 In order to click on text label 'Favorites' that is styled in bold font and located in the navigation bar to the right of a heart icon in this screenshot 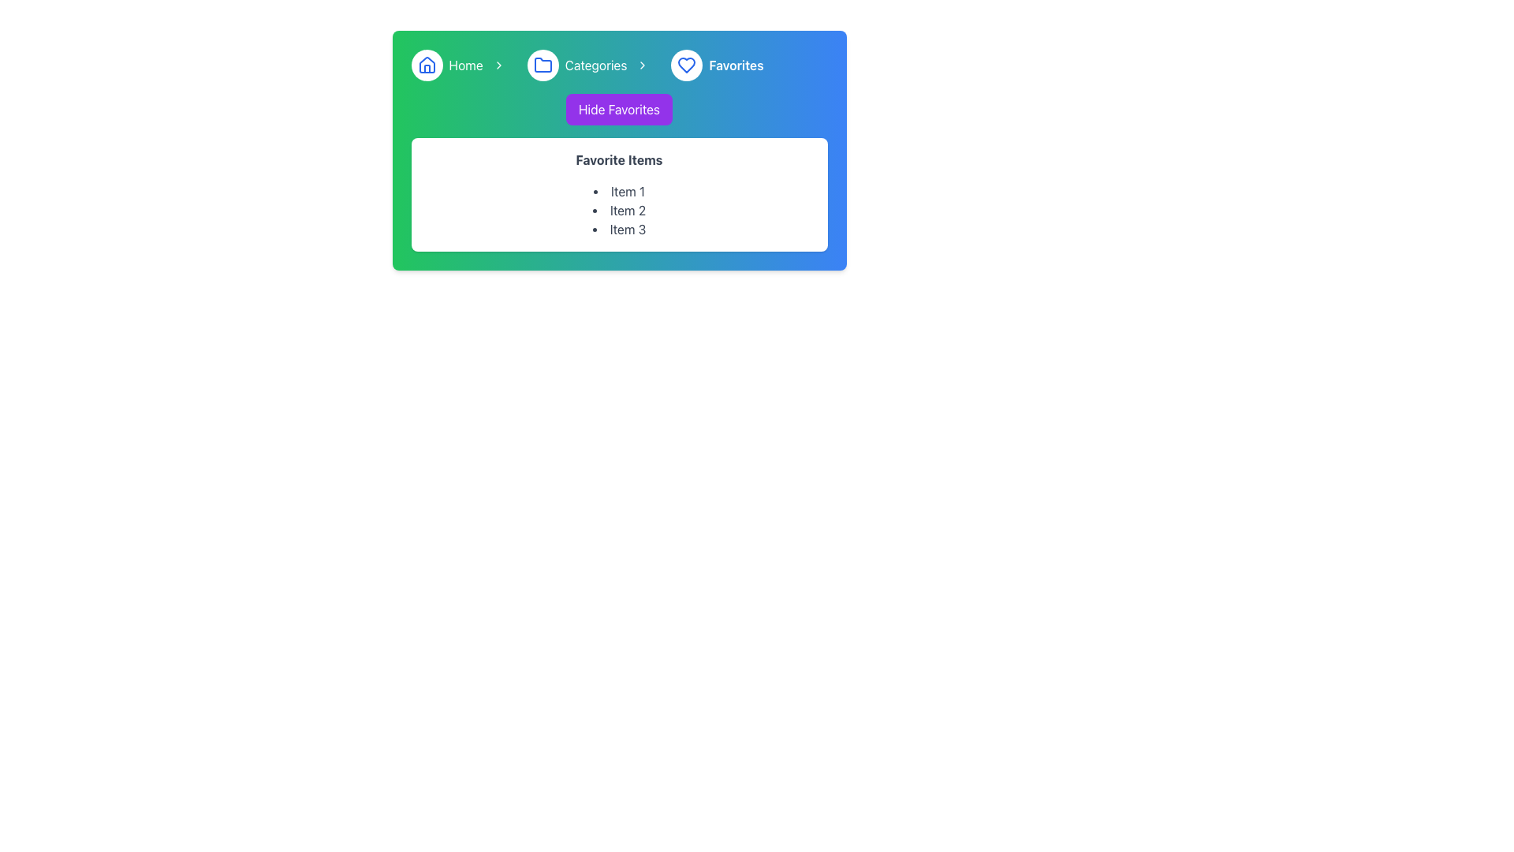, I will do `click(736, 65)`.